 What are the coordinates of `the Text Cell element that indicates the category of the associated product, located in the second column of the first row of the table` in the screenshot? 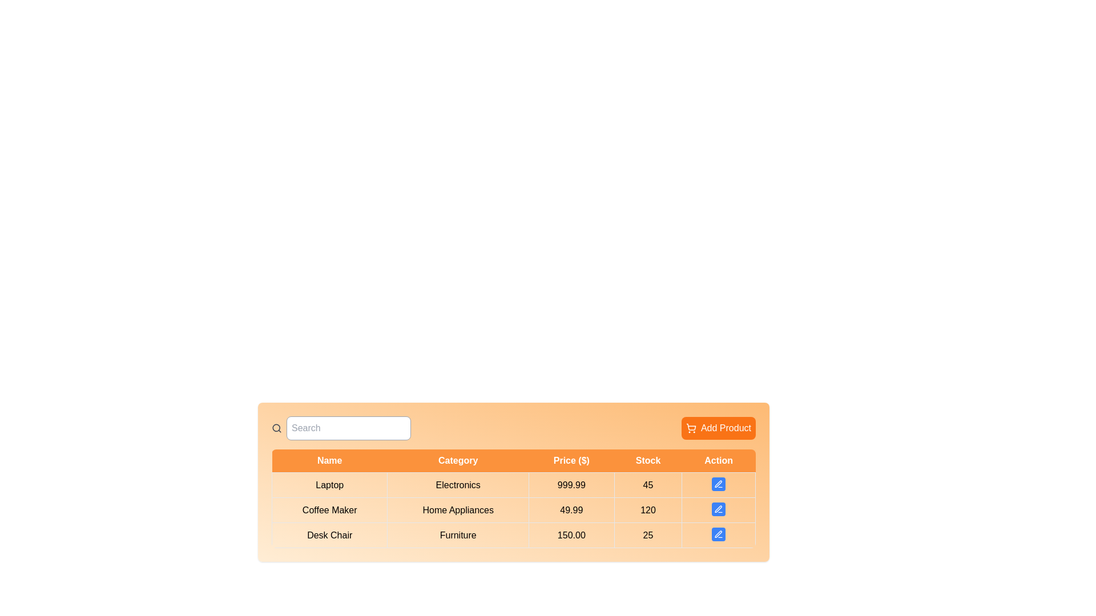 It's located at (458, 485).